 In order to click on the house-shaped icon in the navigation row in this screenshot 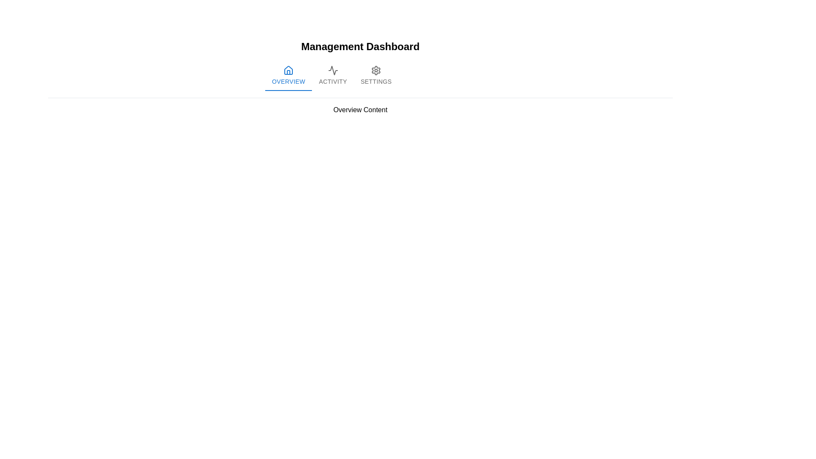, I will do `click(289, 70)`.